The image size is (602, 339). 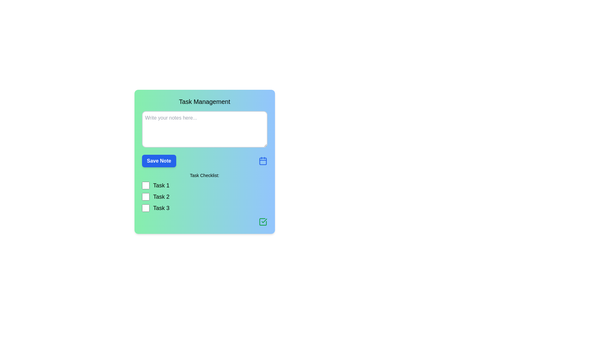 I want to click on the 'Task 1' text label, which is displayed in black and is aligned to the right of a small checkbox in the checklist layout, so click(x=161, y=185).